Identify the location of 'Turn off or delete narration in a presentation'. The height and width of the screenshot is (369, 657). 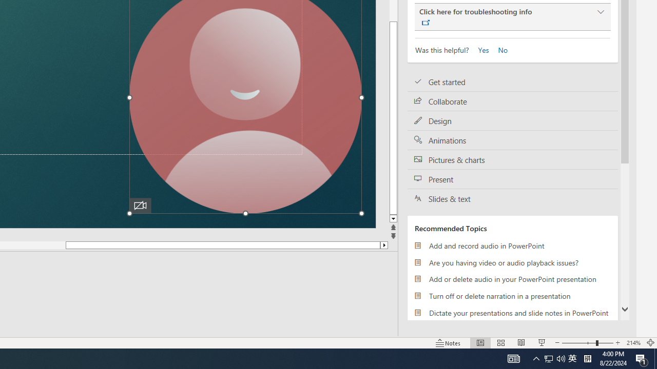
(513, 296).